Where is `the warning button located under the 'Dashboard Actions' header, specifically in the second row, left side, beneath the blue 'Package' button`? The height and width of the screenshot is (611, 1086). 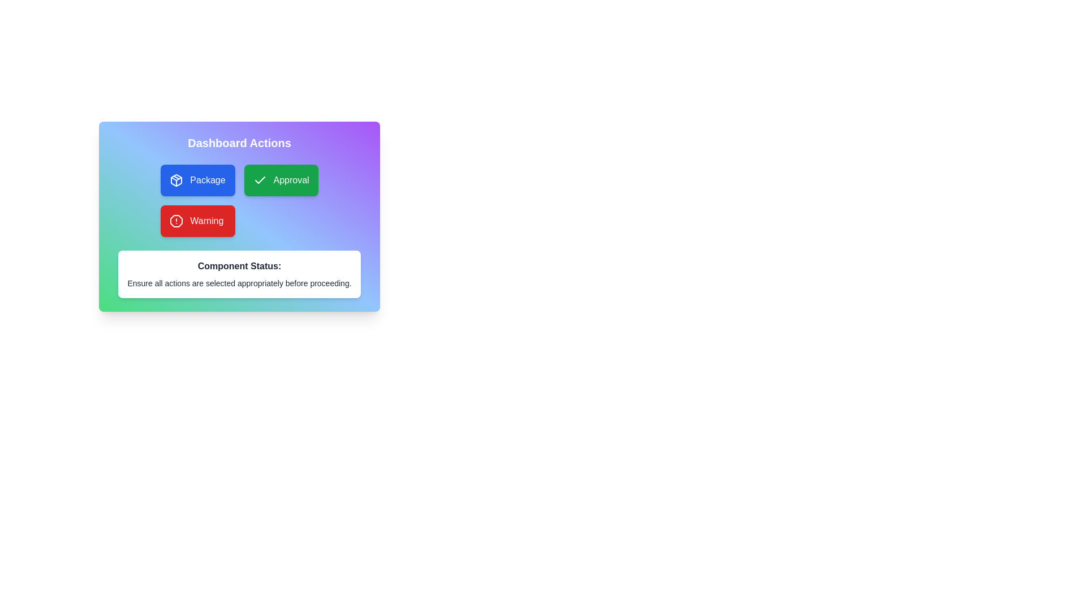 the warning button located under the 'Dashboard Actions' header, specifically in the second row, left side, beneath the blue 'Package' button is located at coordinates (197, 221).